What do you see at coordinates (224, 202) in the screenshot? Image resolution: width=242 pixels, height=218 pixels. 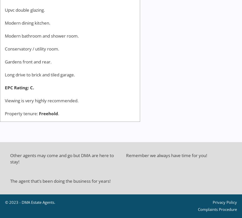 I see `'Privacy Policy'` at bounding box center [224, 202].